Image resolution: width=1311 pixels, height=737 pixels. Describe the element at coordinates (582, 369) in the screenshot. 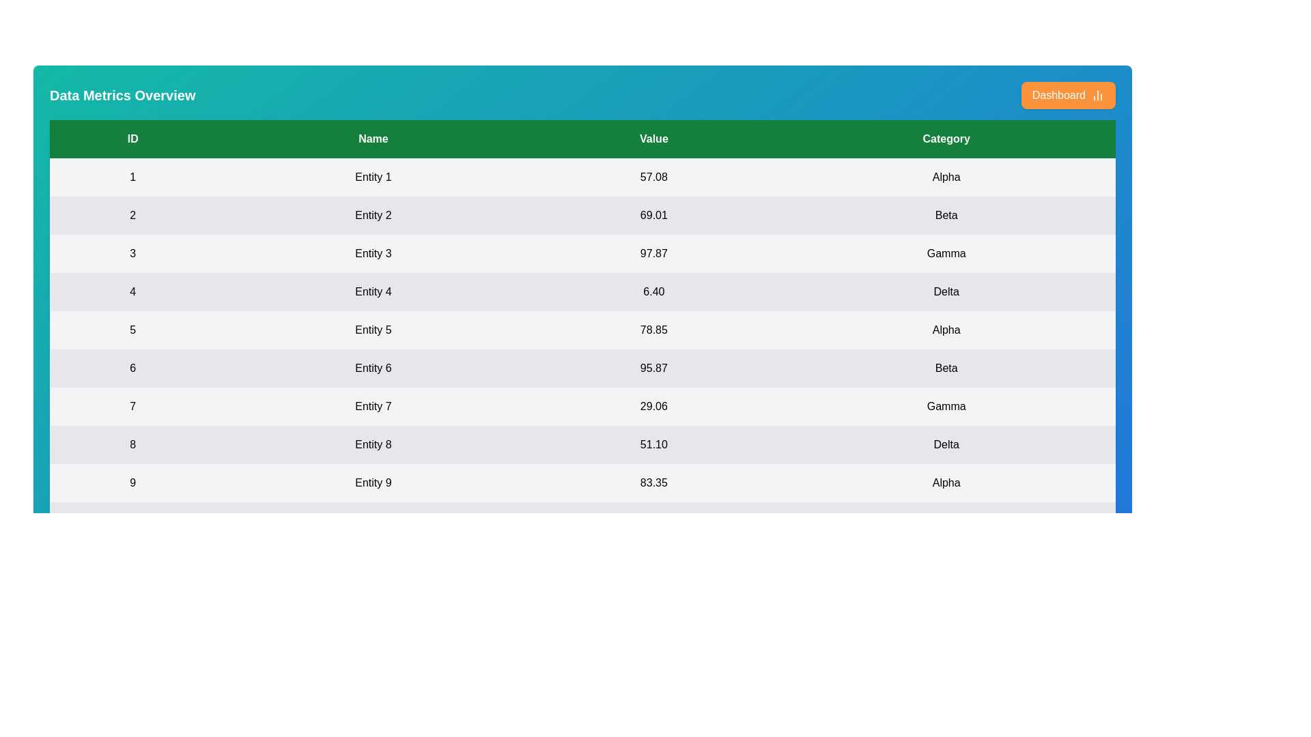

I see `the row corresponding to 6` at that location.